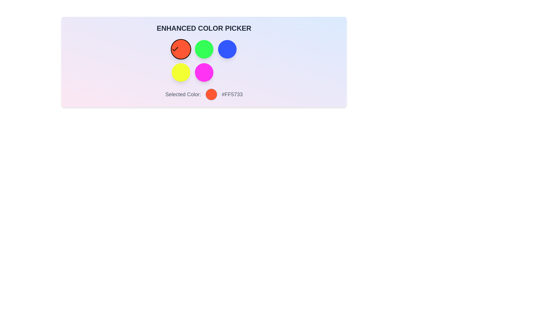 This screenshot has width=556, height=313. I want to click on the circular color button, so click(204, 61).